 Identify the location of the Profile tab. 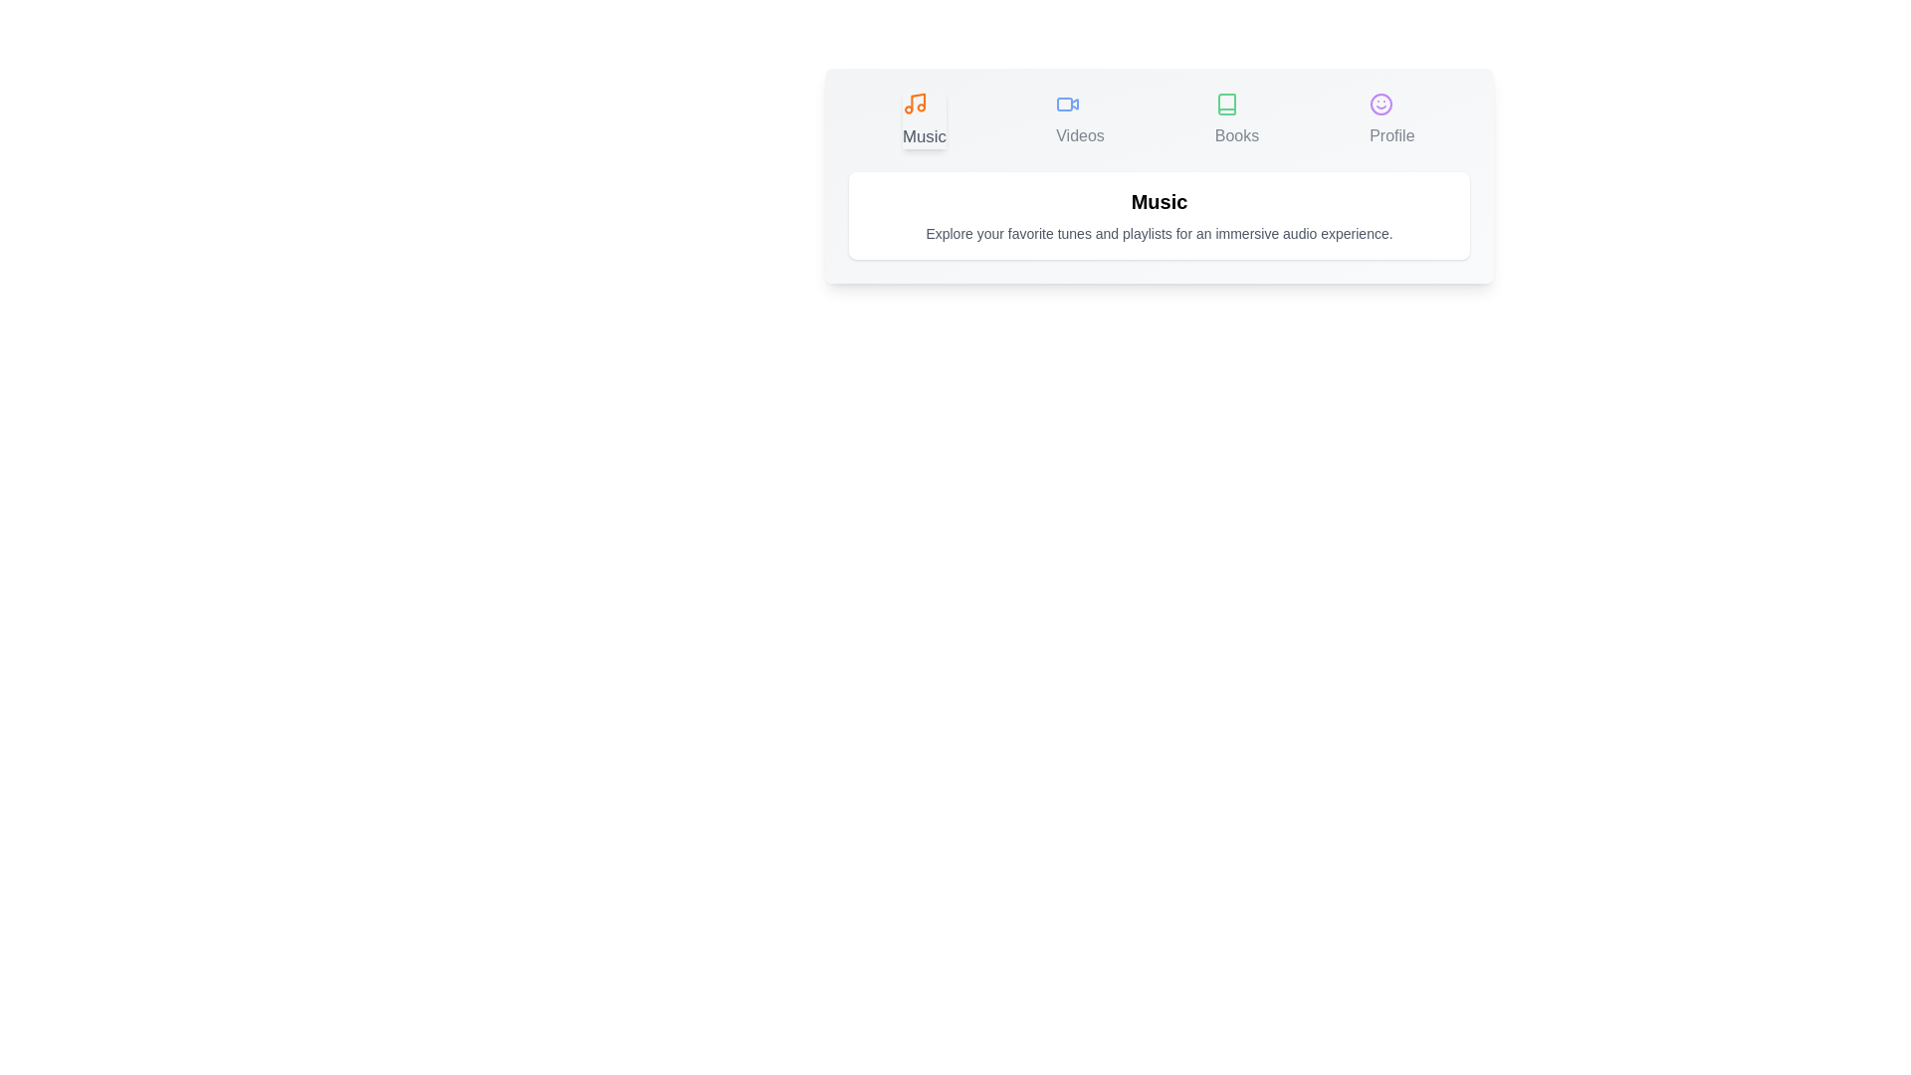
(1390, 119).